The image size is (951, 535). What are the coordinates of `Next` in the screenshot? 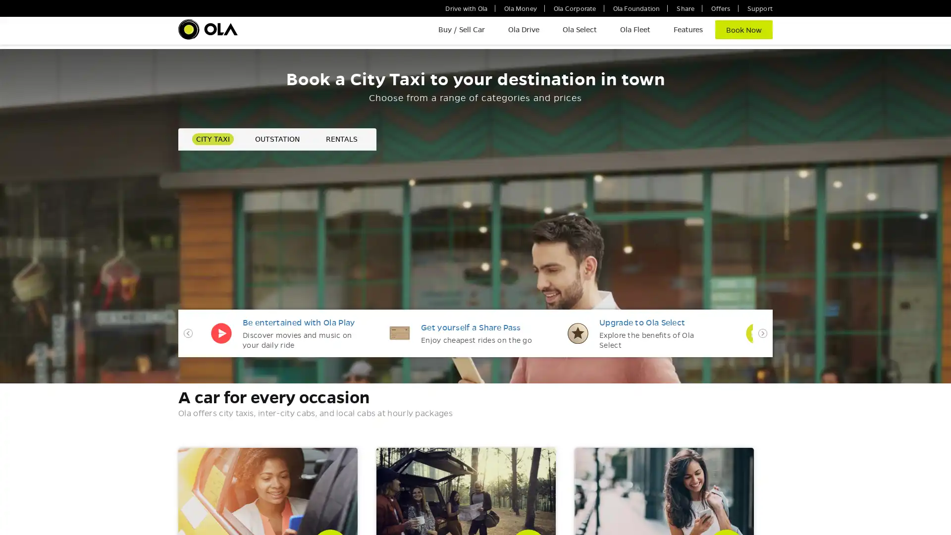 It's located at (762, 383).